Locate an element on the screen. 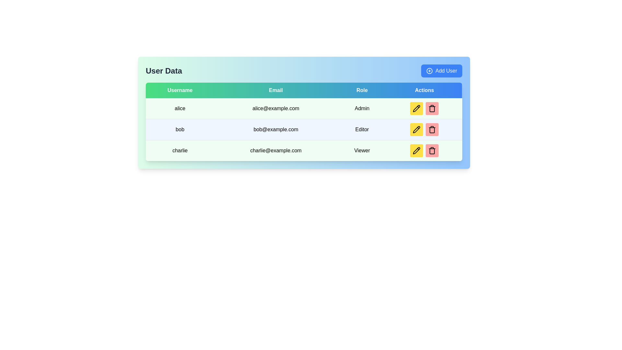 Image resolution: width=622 pixels, height=350 pixels. the Label indicating the role assigned to the user 'charlie' located in the third row of the table in the 'Role' column is located at coordinates (362, 150).